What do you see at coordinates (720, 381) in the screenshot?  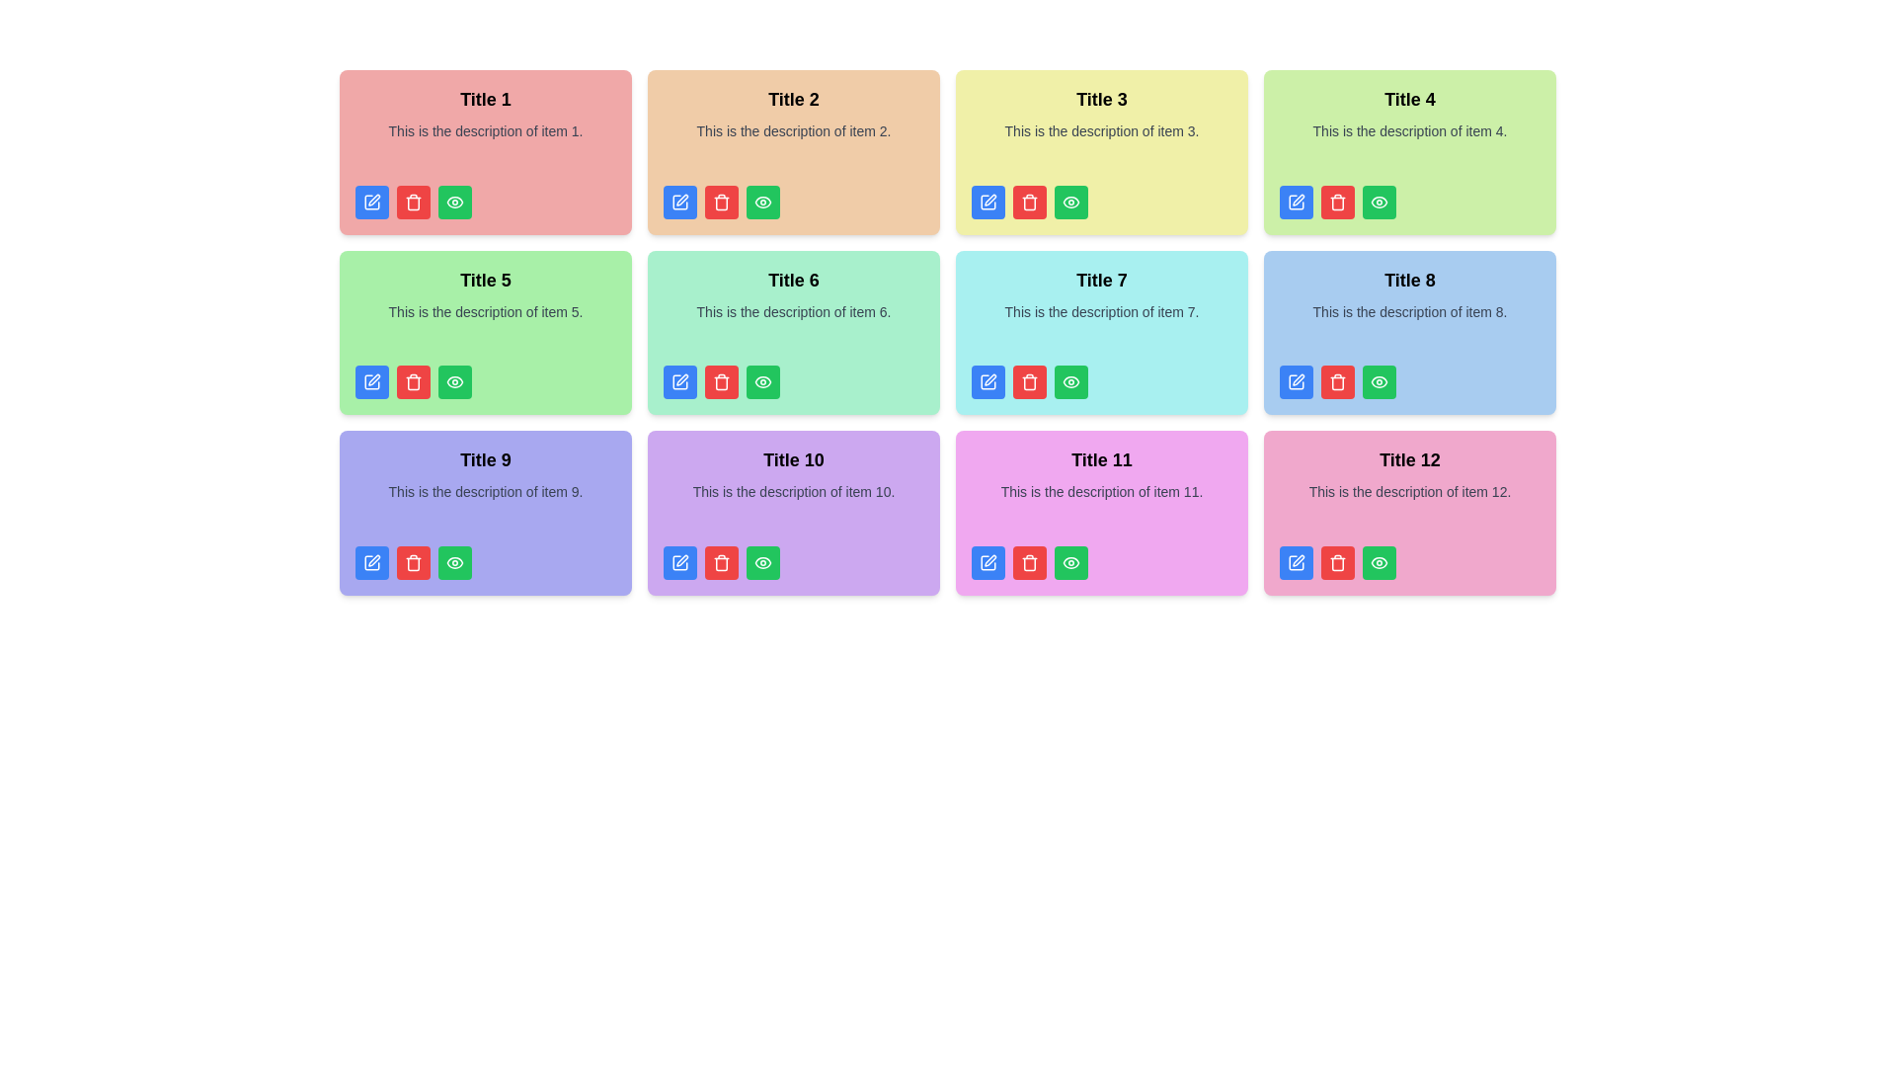 I see `the delete button located centrally within the lower section of the card interface to initiate a delete action` at bounding box center [720, 381].